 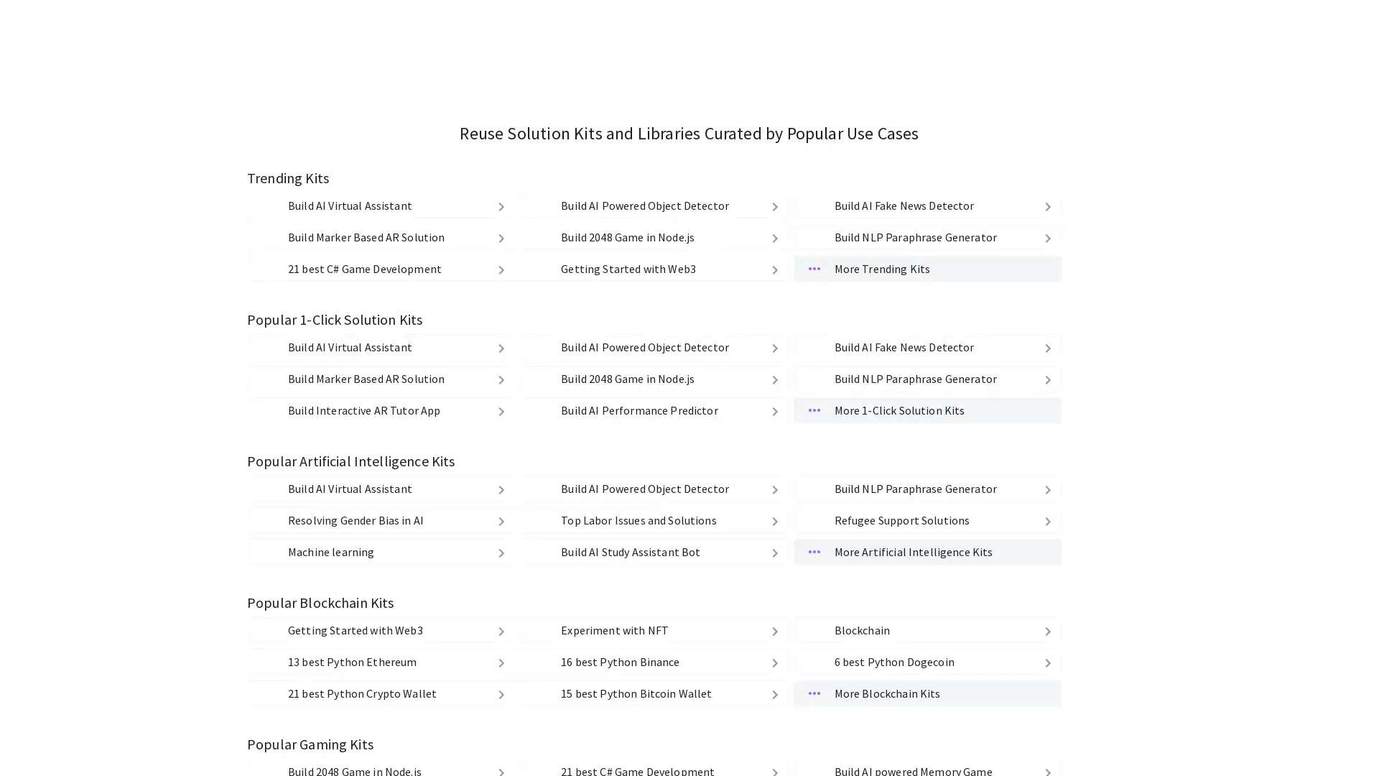 What do you see at coordinates (424, 360) in the screenshot?
I see `JavaScript JavaScript` at bounding box center [424, 360].